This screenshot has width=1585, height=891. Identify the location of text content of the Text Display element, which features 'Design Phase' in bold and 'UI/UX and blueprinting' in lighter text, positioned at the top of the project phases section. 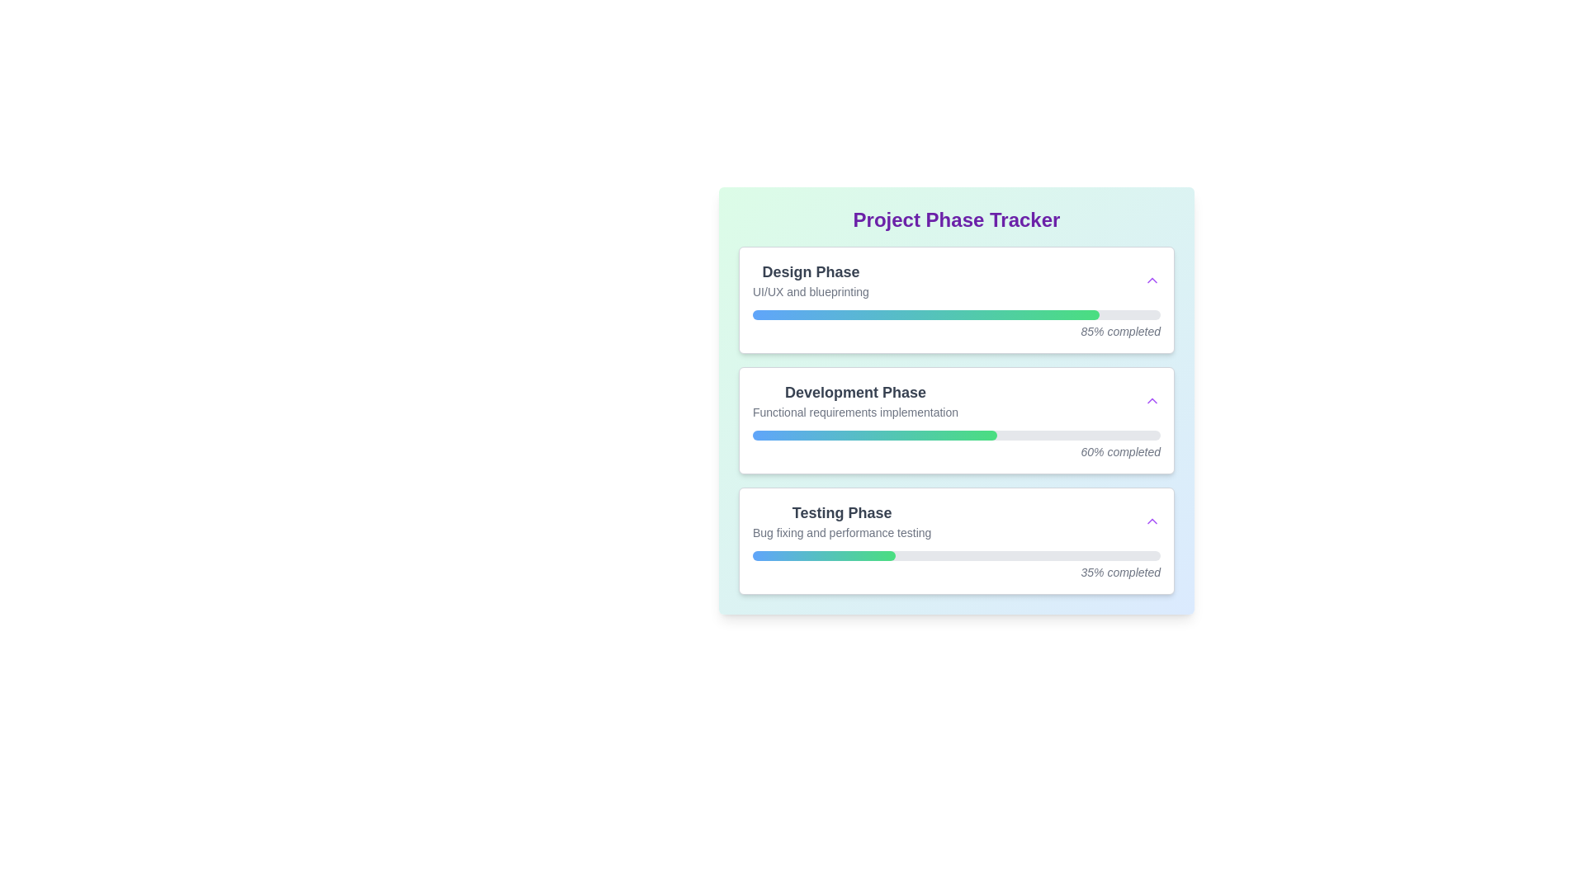
(811, 279).